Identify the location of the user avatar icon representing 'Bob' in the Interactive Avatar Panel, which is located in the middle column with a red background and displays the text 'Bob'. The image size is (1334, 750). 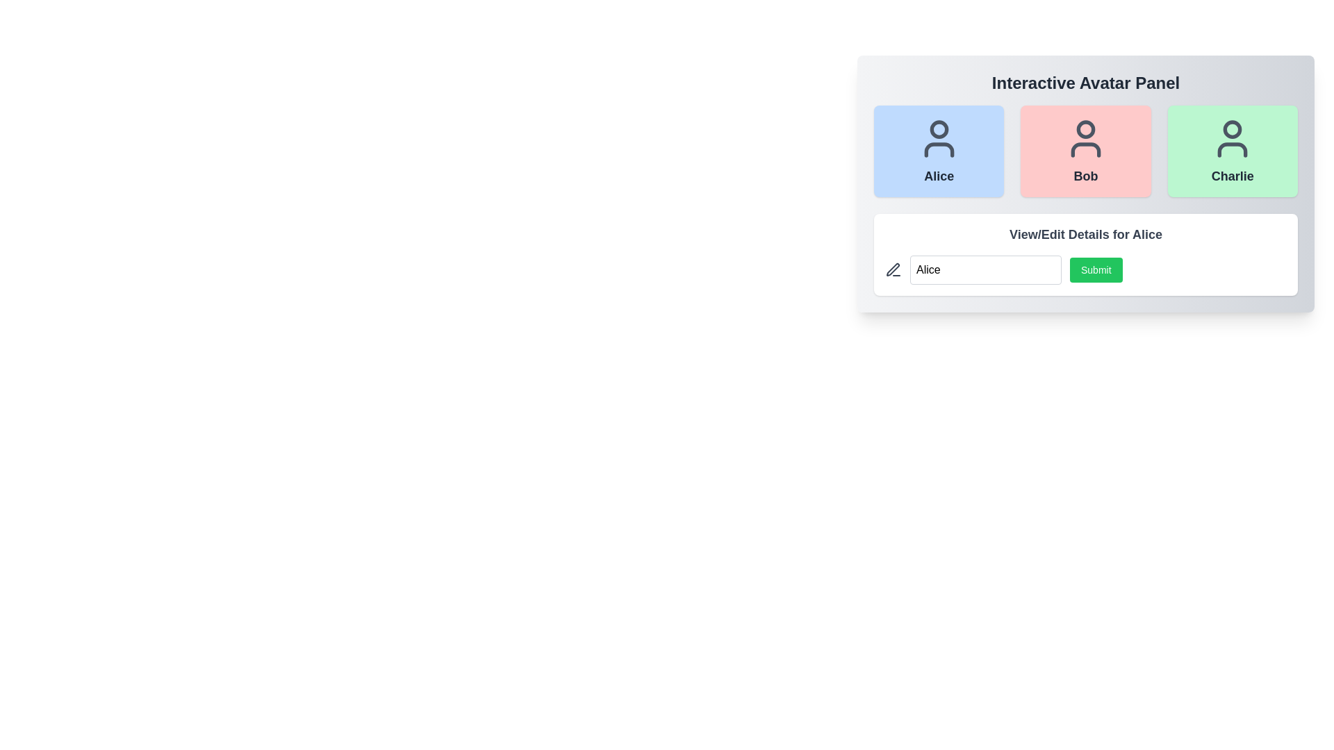
(1085, 139).